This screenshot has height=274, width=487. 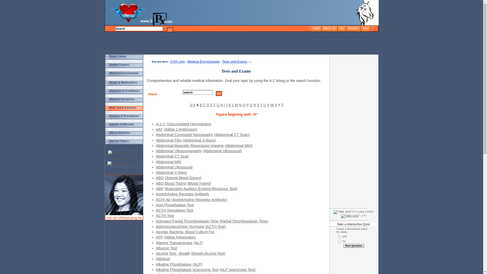 I want to click on 'Medical Symptoms', so click(x=109, y=99).